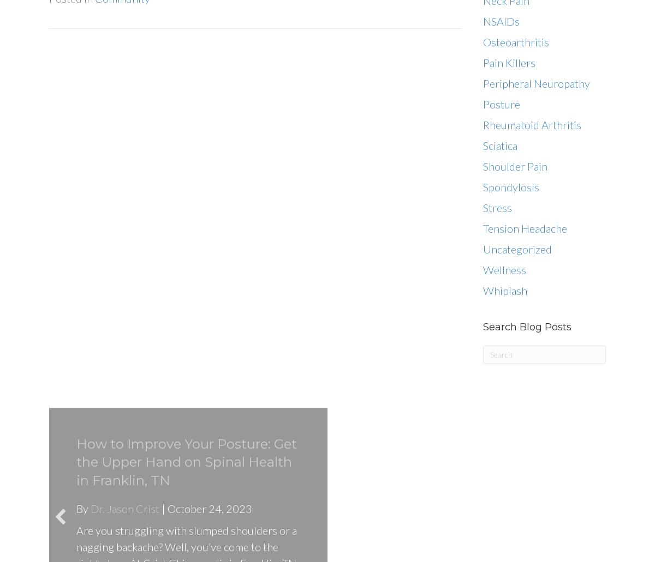  What do you see at coordinates (509, 62) in the screenshot?
I see `'Pain Killers'` at bounding box center [509, 62].